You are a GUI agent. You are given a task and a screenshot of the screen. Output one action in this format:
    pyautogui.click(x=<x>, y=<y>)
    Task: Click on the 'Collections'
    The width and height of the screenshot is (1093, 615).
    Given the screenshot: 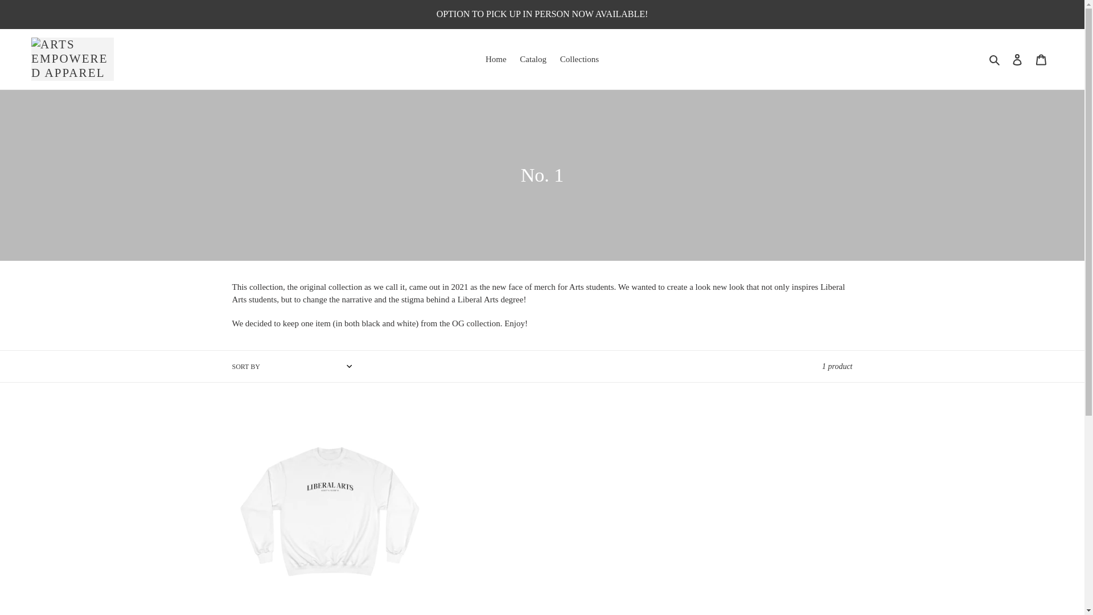 What is the action you would take?
    pyautogui.click(x=579, y=59)
    